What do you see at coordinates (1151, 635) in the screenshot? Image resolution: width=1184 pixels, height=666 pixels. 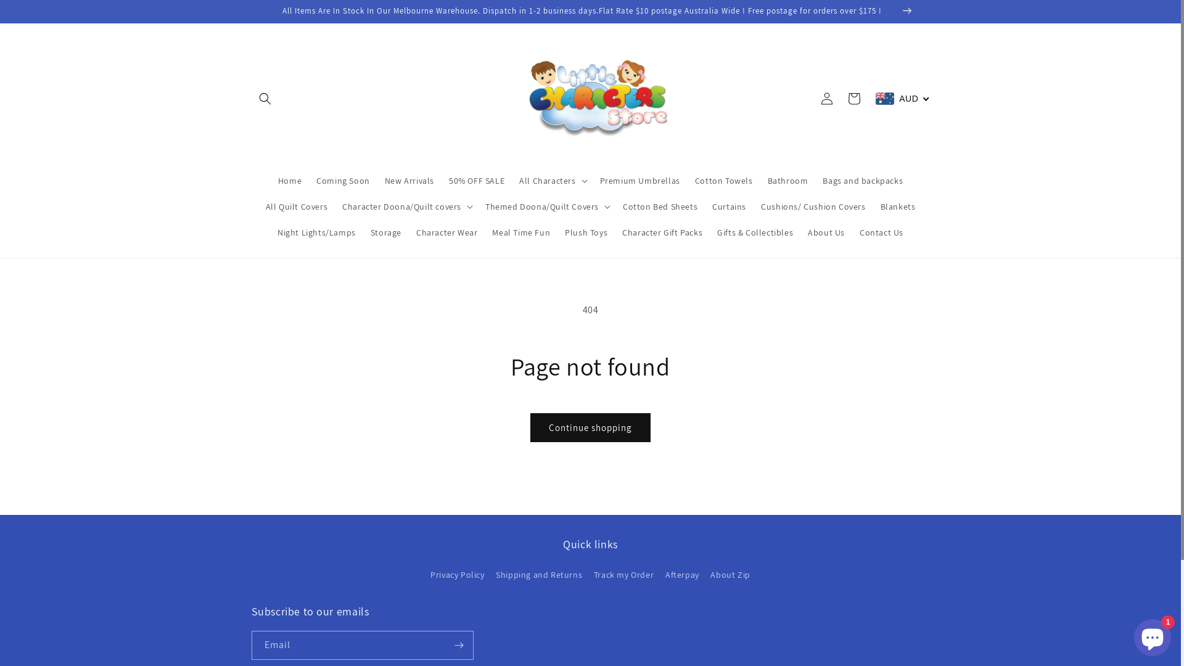 I see `'Shopify online store chat'` at bounding box center [1151, 635].